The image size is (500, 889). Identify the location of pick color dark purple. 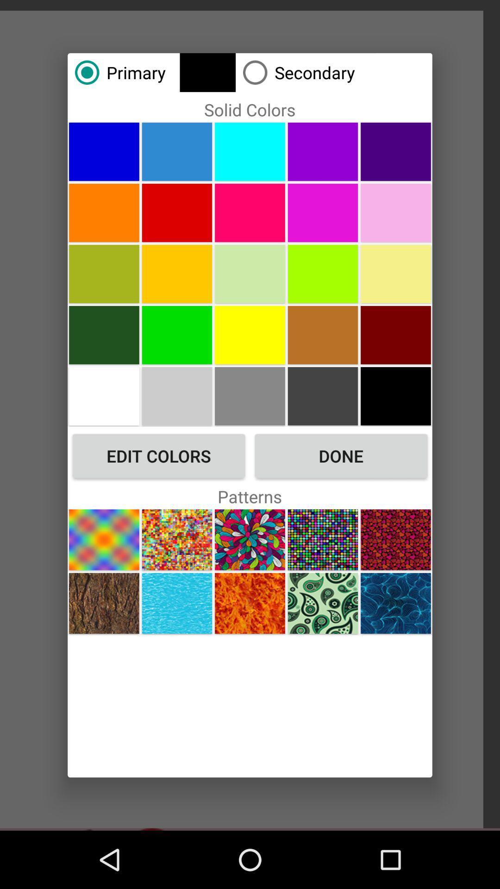
(396, 151).